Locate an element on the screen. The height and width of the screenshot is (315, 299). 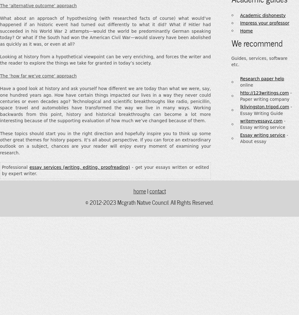
'- Essay Writing Guide' is located at coordinates (266, 110).